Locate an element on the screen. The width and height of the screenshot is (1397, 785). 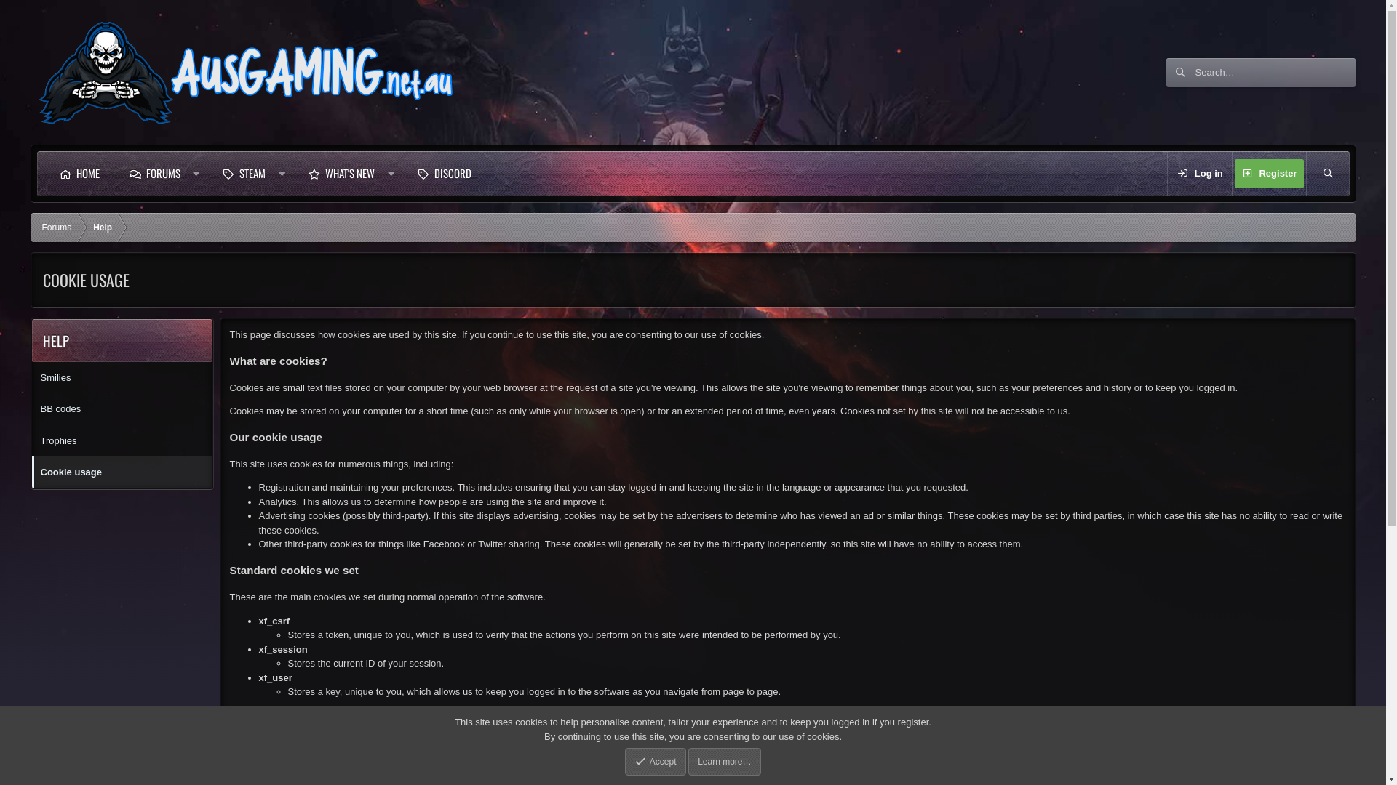
'WHAT'S NEW' is located at coordinates (292, 173).